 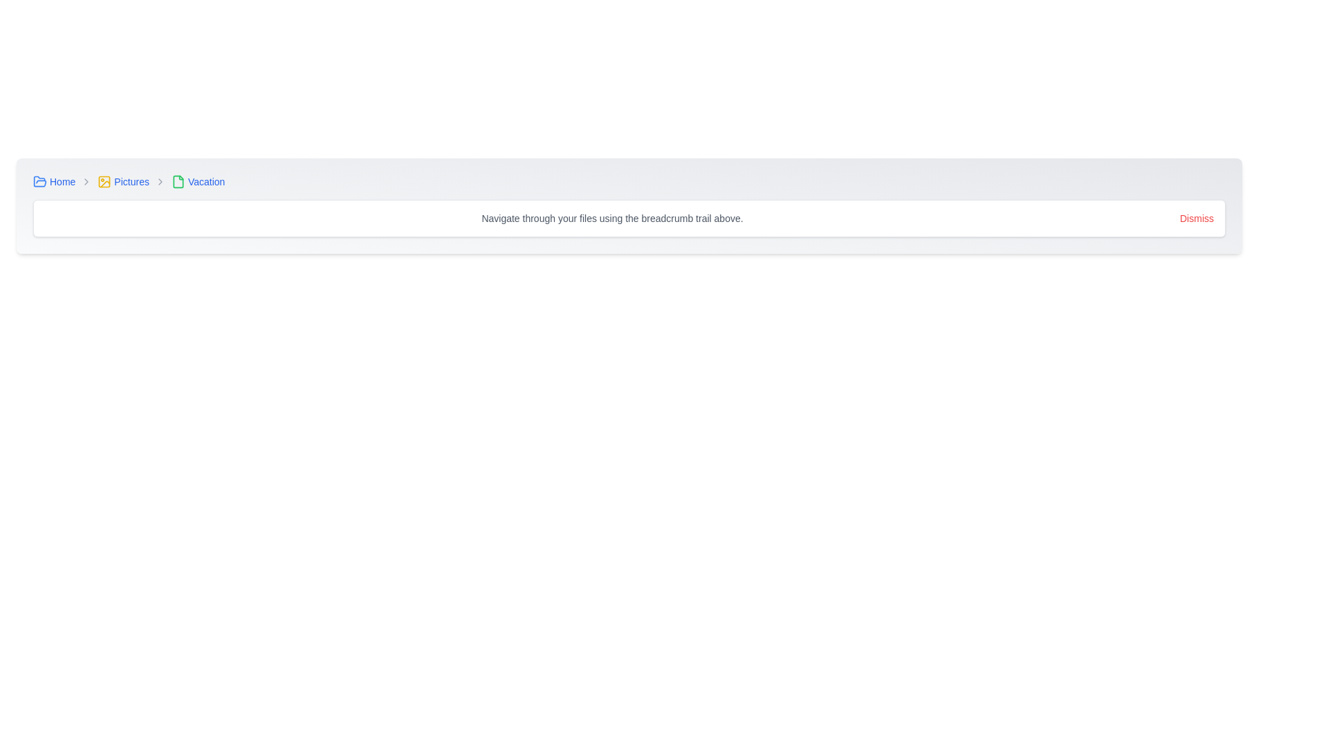 I want to click on the rightward-facing chevron icon located between the 'Home' and 'Pictures' text in the breadcrumb navigation bar, so click(x=86, y=181).